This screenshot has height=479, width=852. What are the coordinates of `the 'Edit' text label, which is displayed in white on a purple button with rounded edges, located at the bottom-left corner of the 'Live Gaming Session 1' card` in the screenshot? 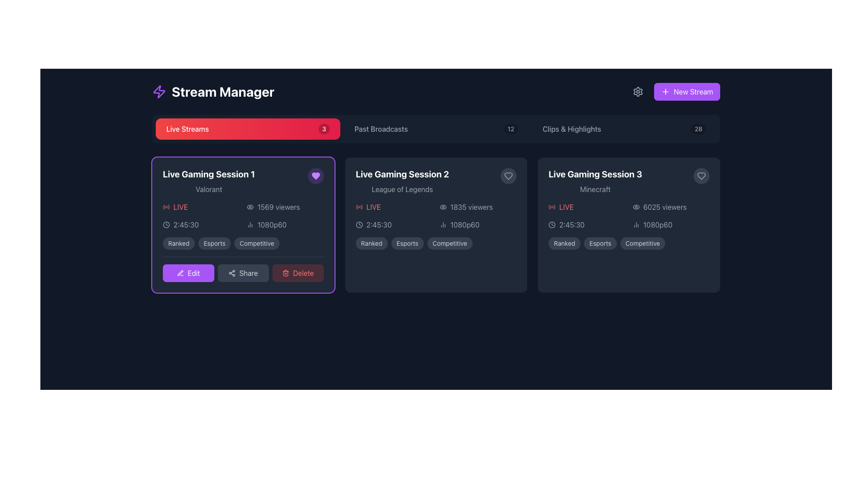 It's located at (193, 273).